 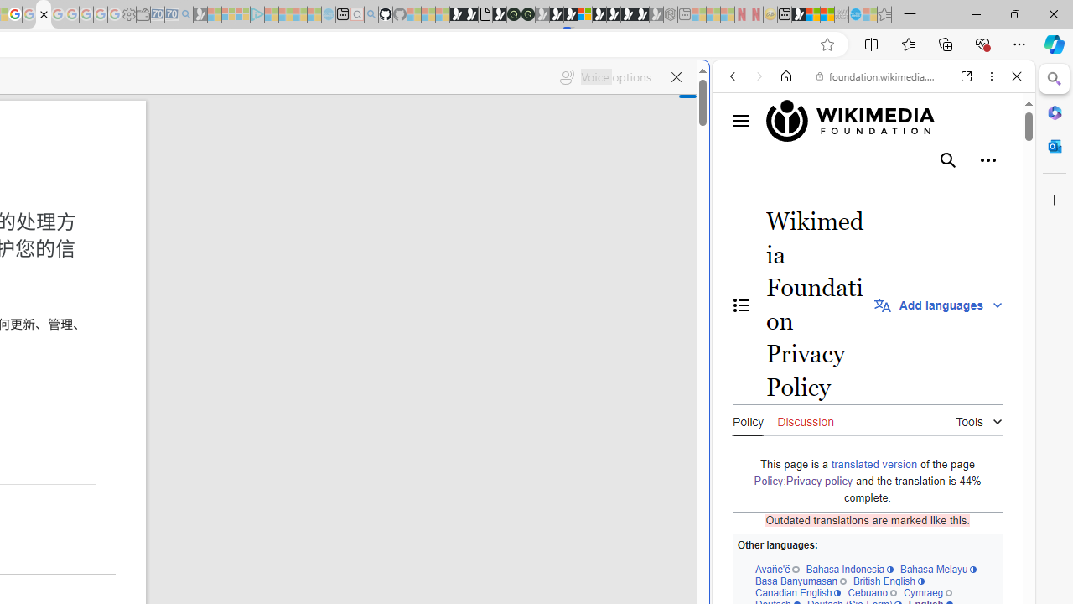 What do you see at coordinates (747, 419) in the screenshot?
I see `'Policy'` at bounding box center [747, 419].